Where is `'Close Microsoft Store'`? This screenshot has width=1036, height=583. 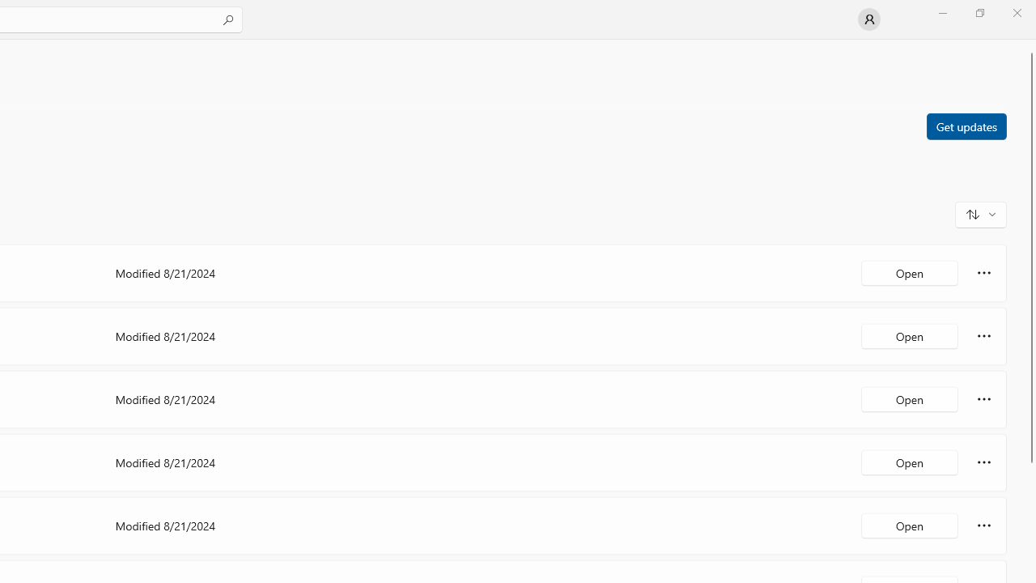 'Close Microsoft Store' is located at coordinates (1016, 12).